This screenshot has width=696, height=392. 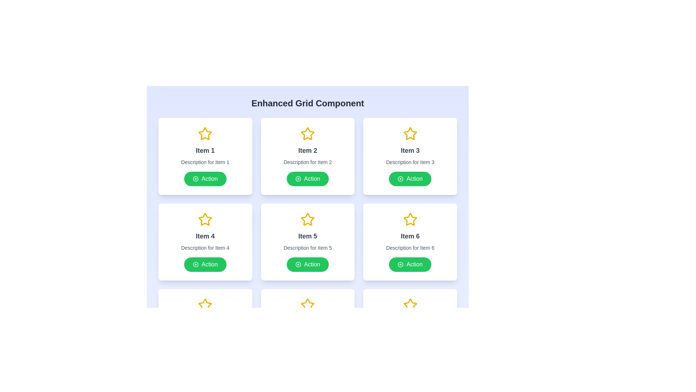 I want to click on the Label text that provides context for 'Item 2', located directly below the title 'Item 2' and above the green 'Action' button in the second card of the grid, so click(x=308, y=162).